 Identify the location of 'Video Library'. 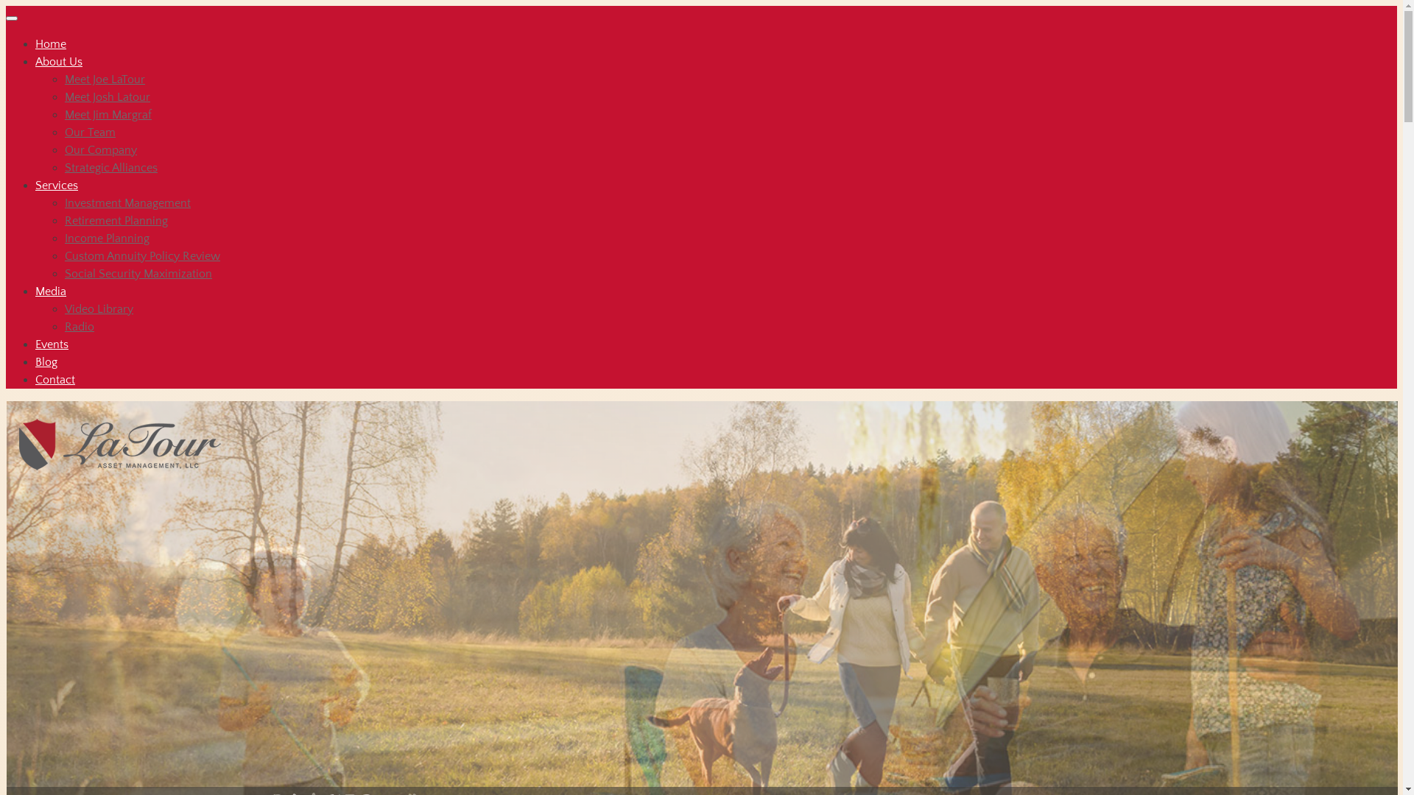
(63, 308).